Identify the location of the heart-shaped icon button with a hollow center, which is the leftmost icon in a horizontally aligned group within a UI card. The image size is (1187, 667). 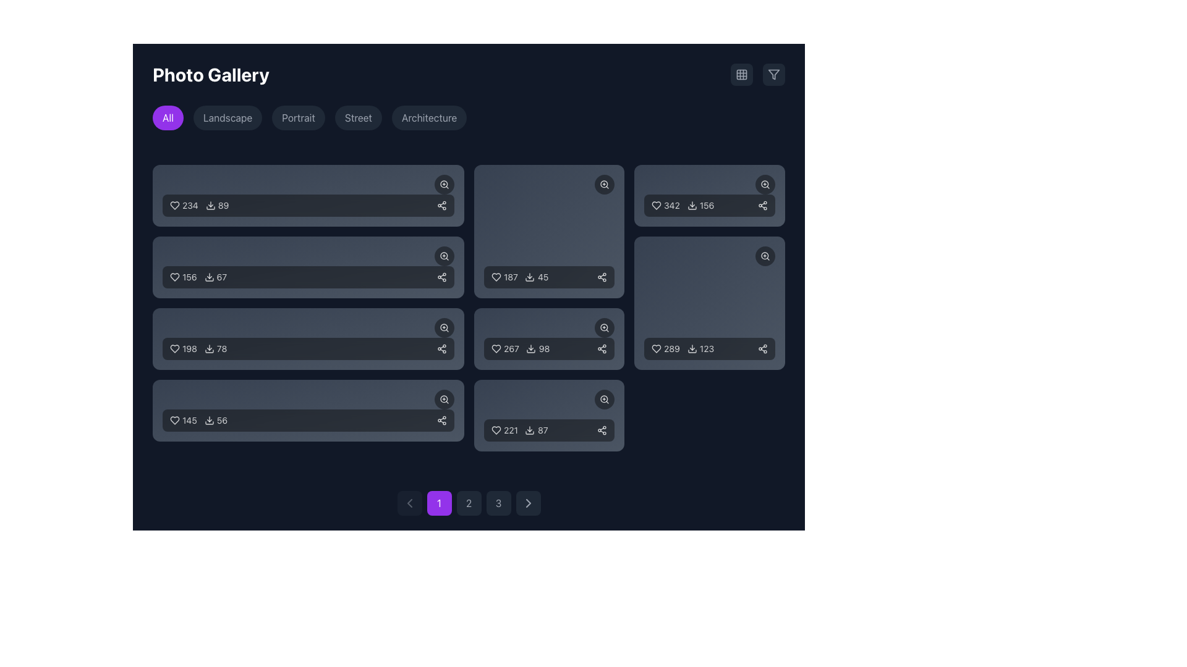
(174, 348).